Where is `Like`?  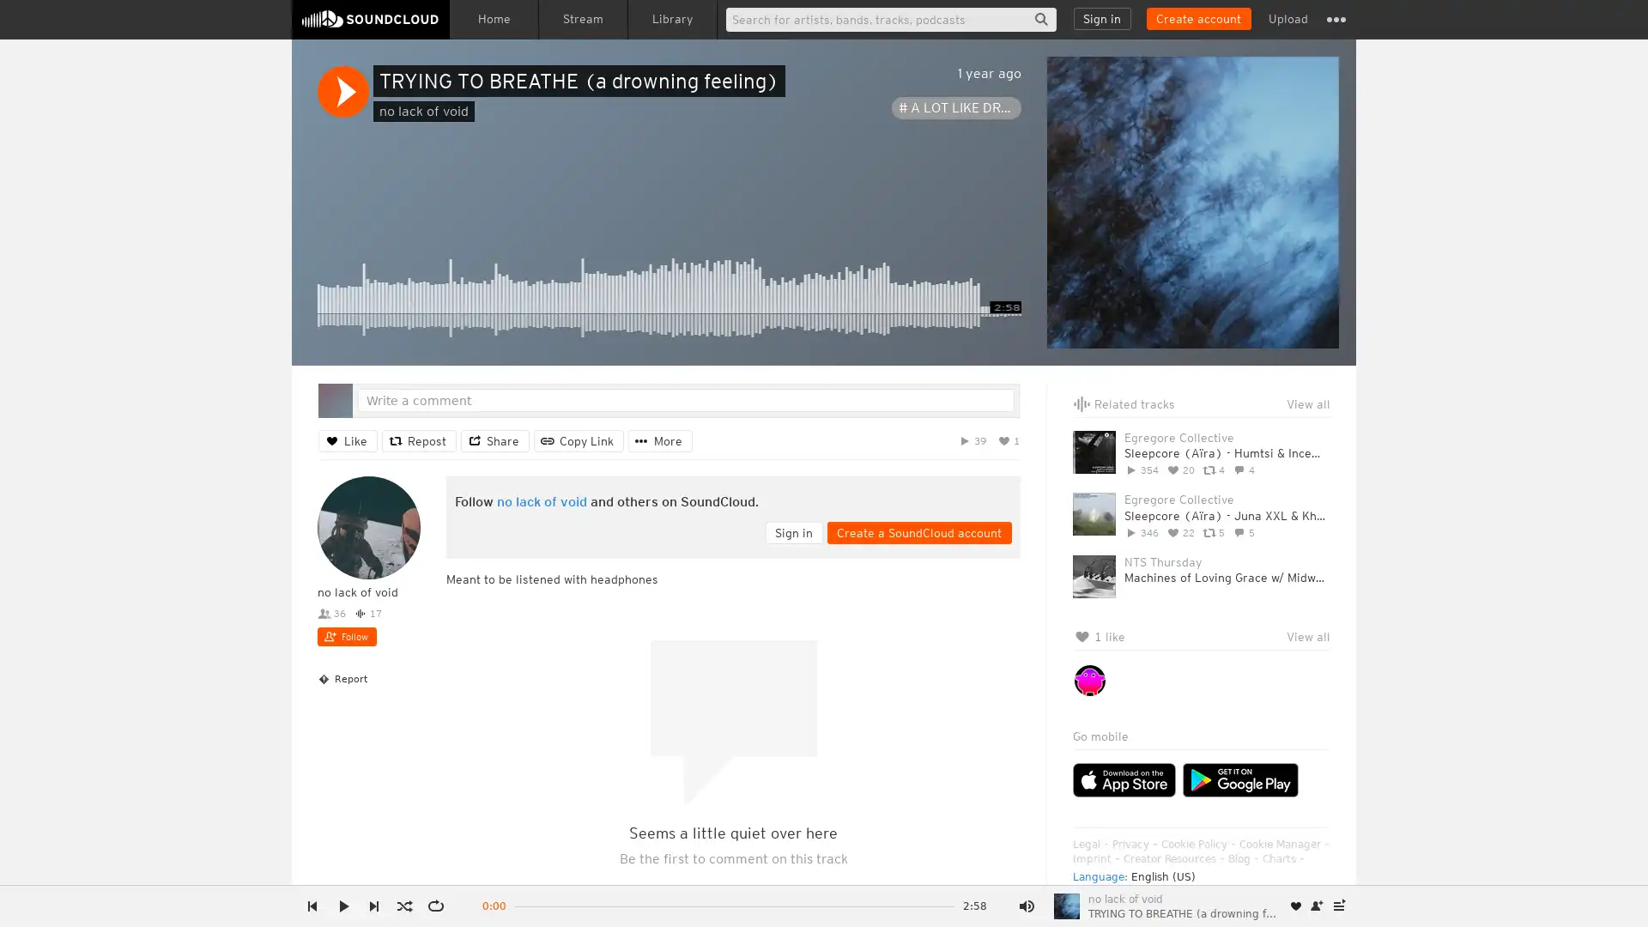 Like is located at coordinates (1296, 906).